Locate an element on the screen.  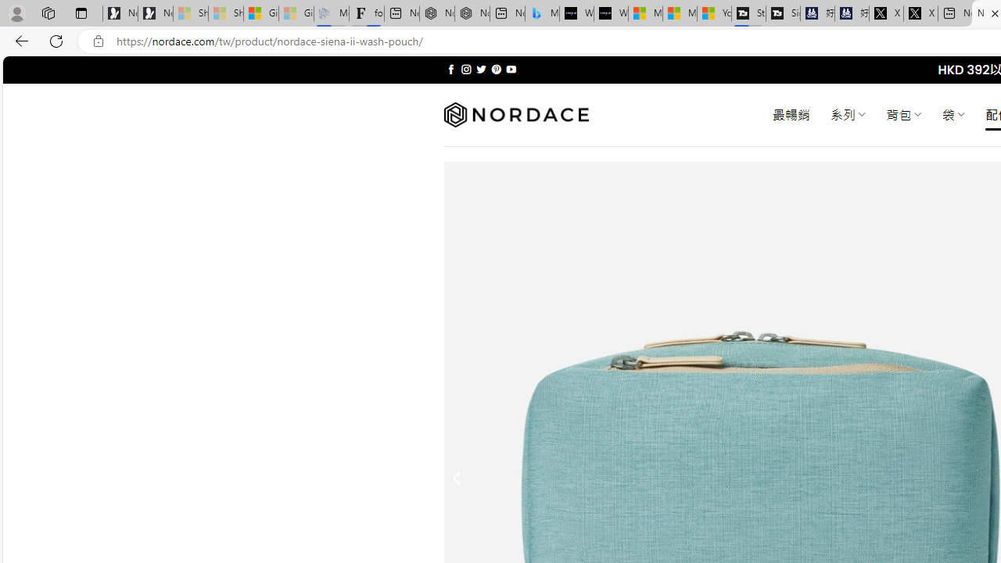
'Follow on Instagram' is located at coordinates (465, 69).